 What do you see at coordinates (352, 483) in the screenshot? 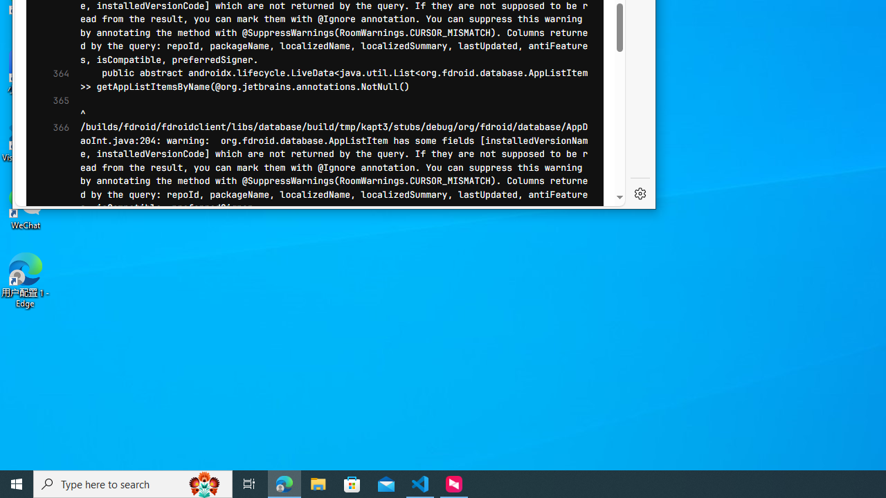
I see `'Microsoft Store'` at bounding box center [352, 483].